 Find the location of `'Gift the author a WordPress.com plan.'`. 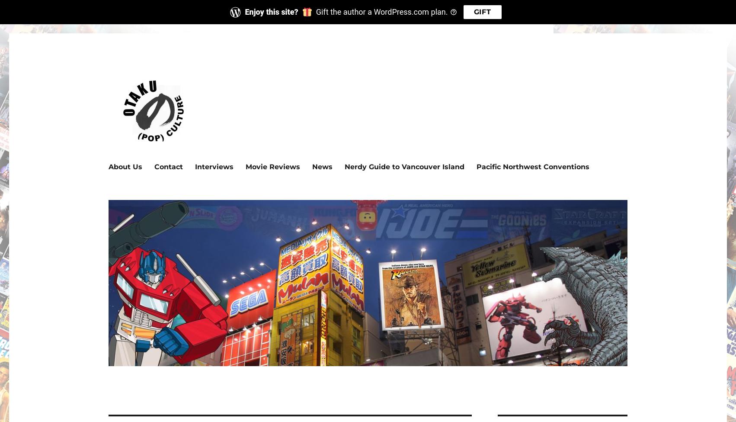

'Gift the author a WordPress.com plan.' is located at coordinates (381, 11).